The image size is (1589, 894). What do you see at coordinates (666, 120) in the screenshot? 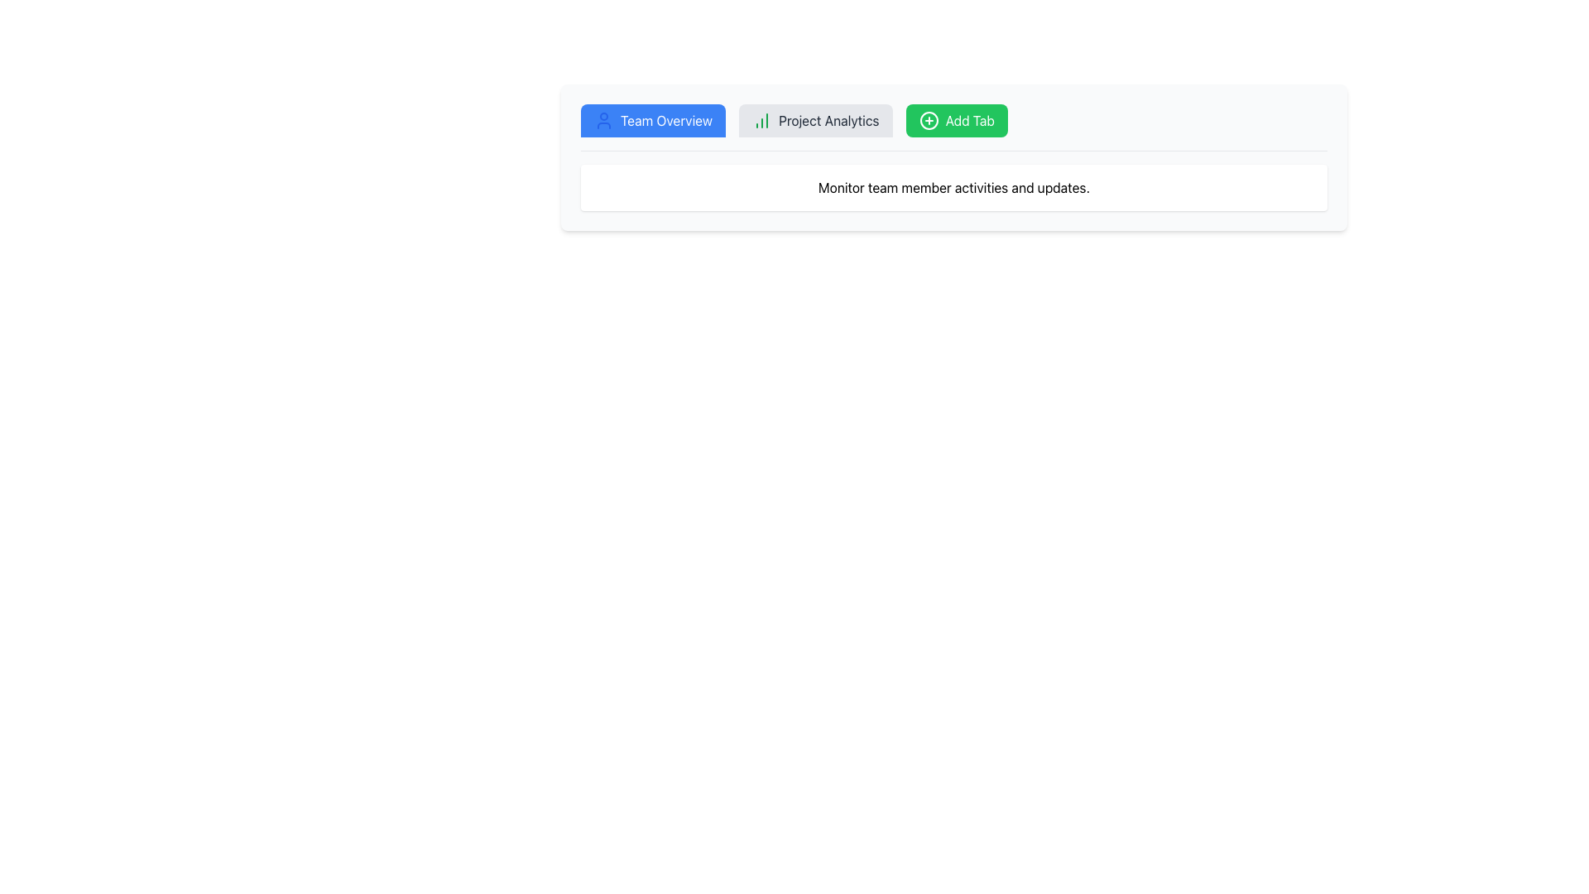
I see `the 'Team Overview' tab, which features bold white text on a rounded blue background` at bounding box center [666, 120].